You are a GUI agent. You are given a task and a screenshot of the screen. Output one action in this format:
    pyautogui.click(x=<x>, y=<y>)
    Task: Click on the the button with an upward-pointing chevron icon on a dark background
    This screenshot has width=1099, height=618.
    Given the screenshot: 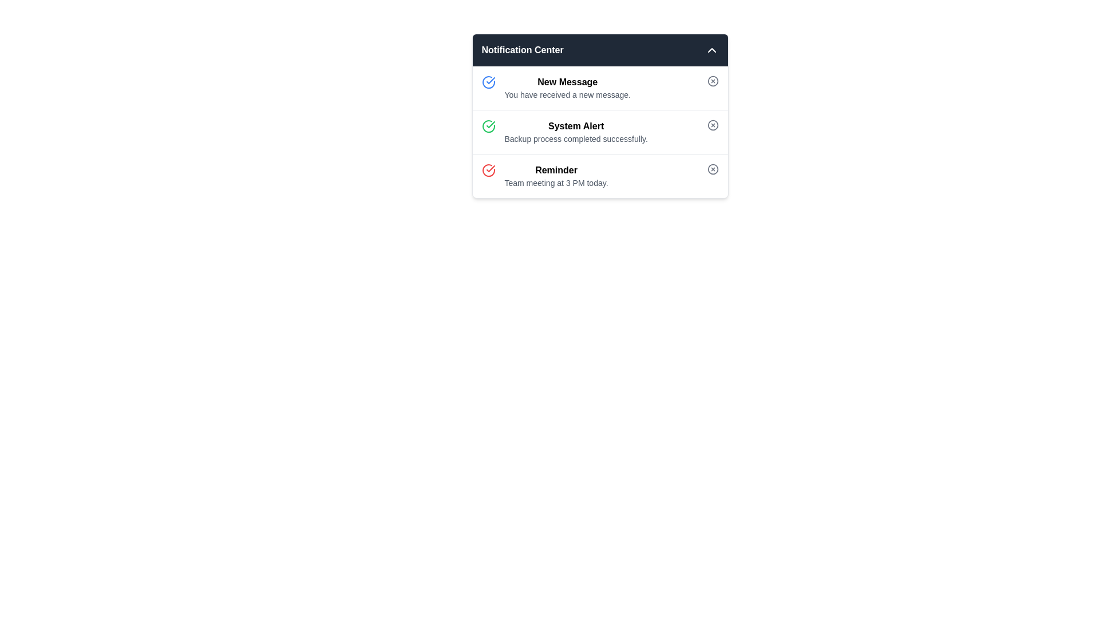 What is the action you would take?
    pyautogui.click(x=711, y=50)
    